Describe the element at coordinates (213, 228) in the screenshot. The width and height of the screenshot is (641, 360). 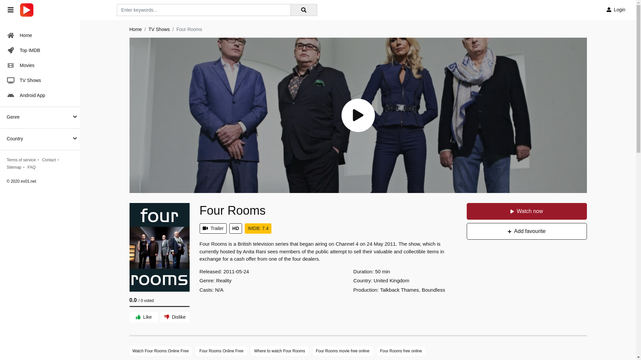
I see `'Trailer'` at that location.